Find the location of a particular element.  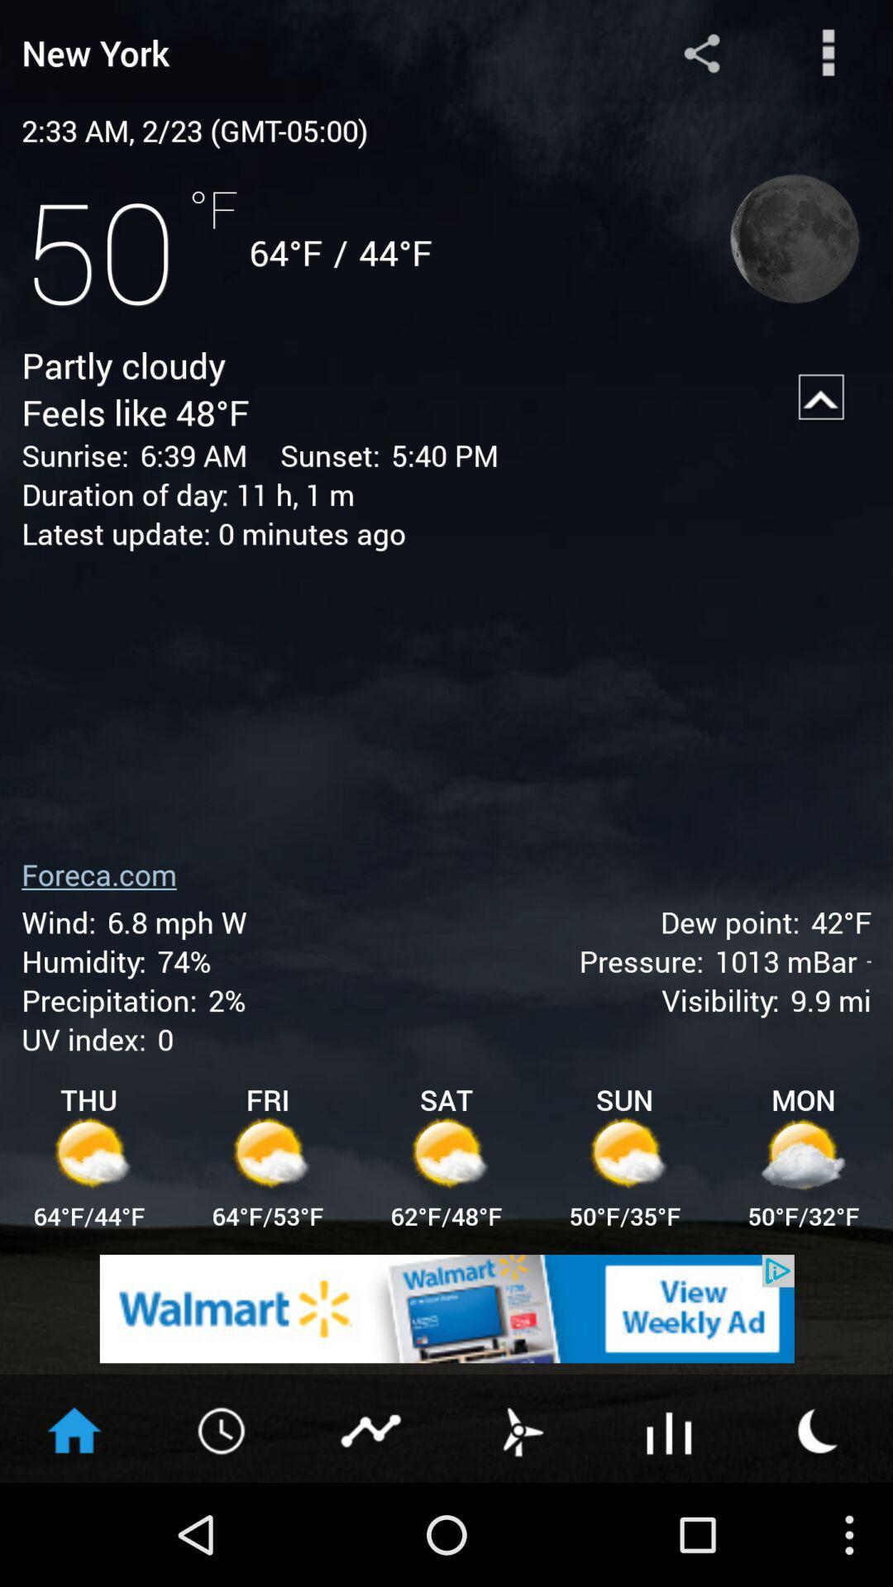

go up is located at coordinates (822, 398).